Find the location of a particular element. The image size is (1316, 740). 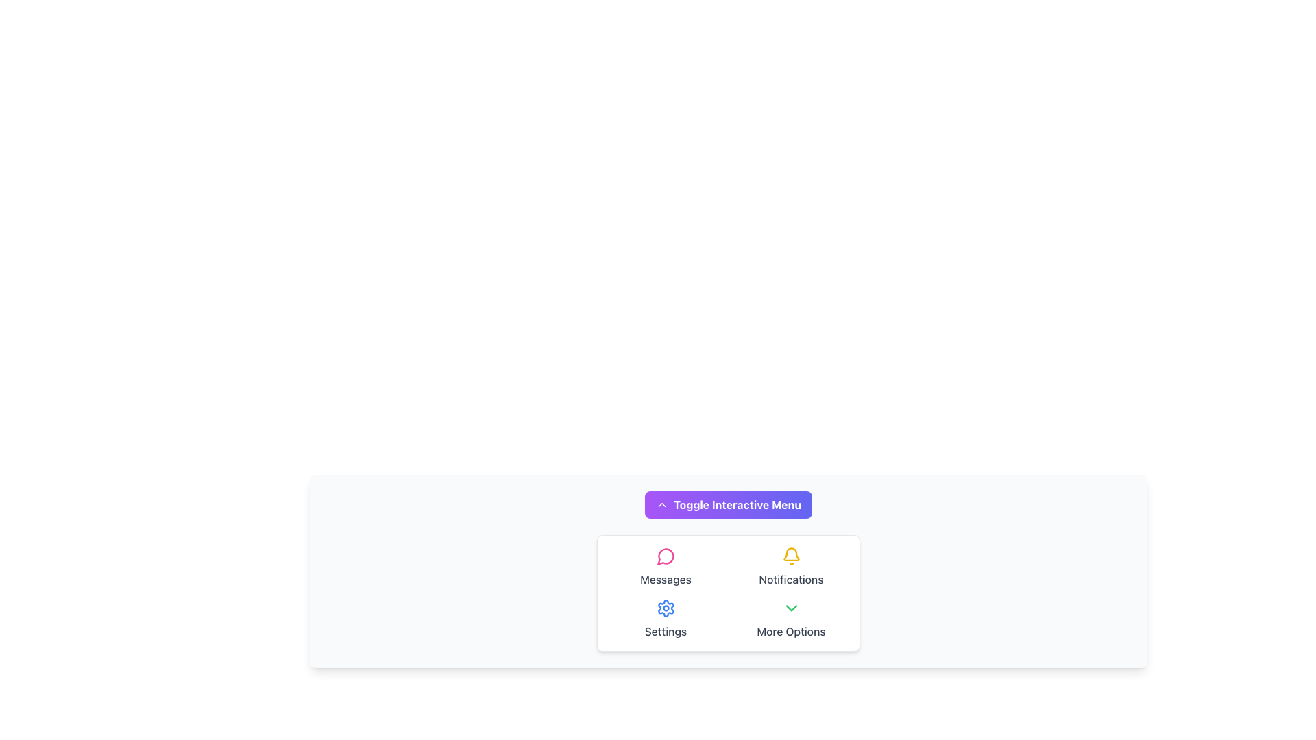

the speech bubble icon fragment with a pink outline that represents messages, located on the left side of the grid menu is located at coordinates (665, 556).